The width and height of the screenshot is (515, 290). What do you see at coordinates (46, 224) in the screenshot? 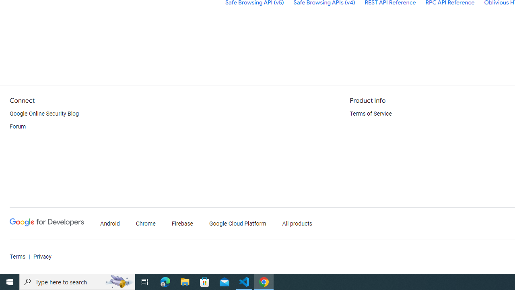
I see `'Google Developers'` at bounding box center [46, 224].